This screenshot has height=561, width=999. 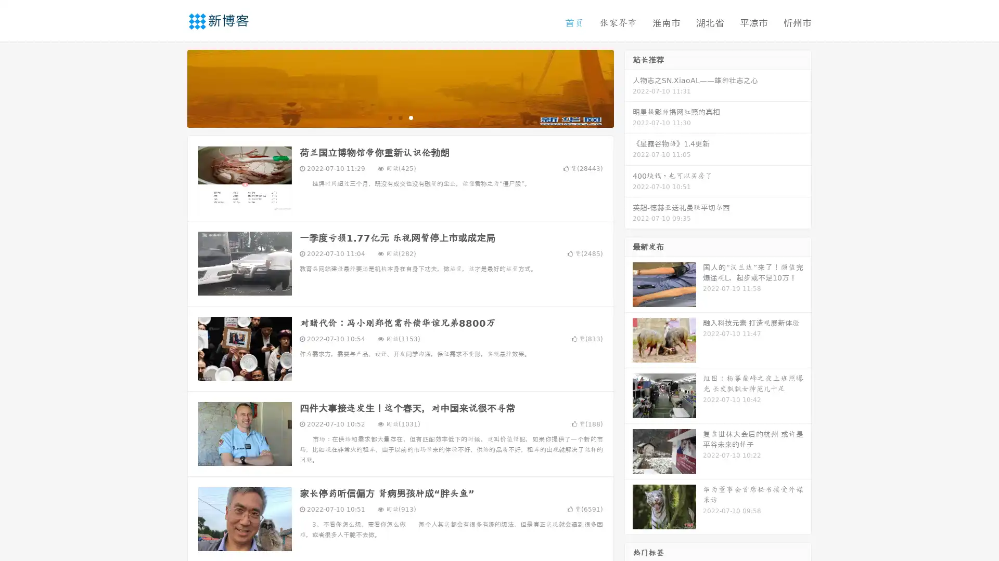 I want to click on Go to slide 2, so click(x=400, y=117).